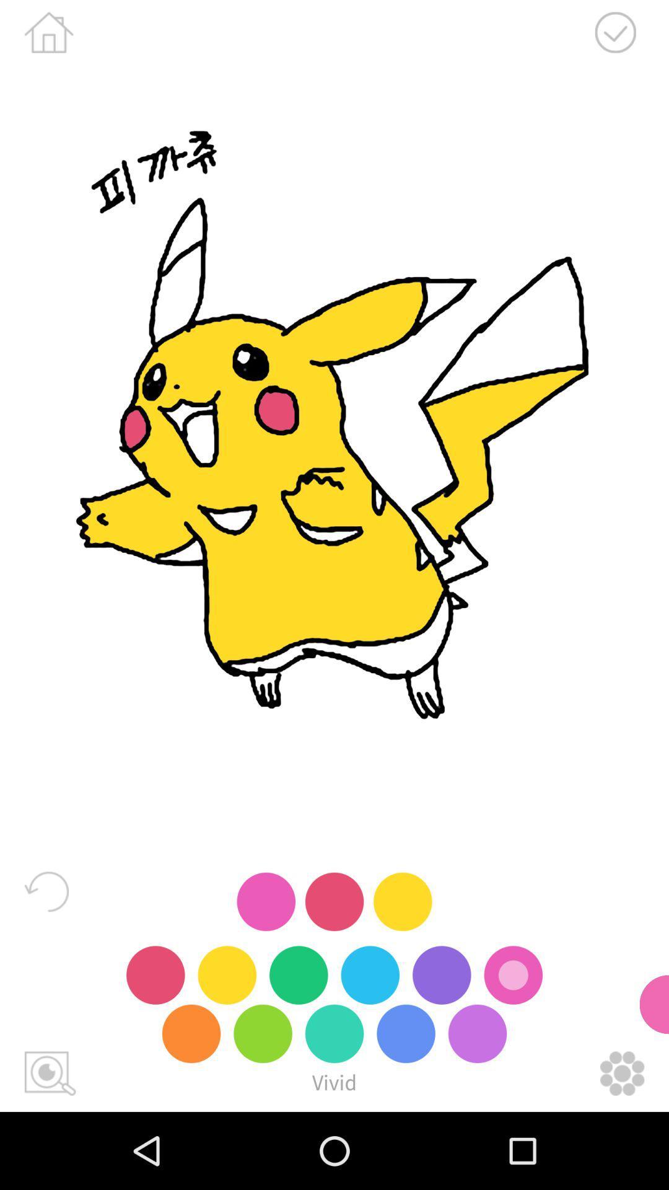 The height and width of the screenshot is (1190, 669). Describe the element at coordinates (46, 891) in the screenshot. I see `refresh` at that location.